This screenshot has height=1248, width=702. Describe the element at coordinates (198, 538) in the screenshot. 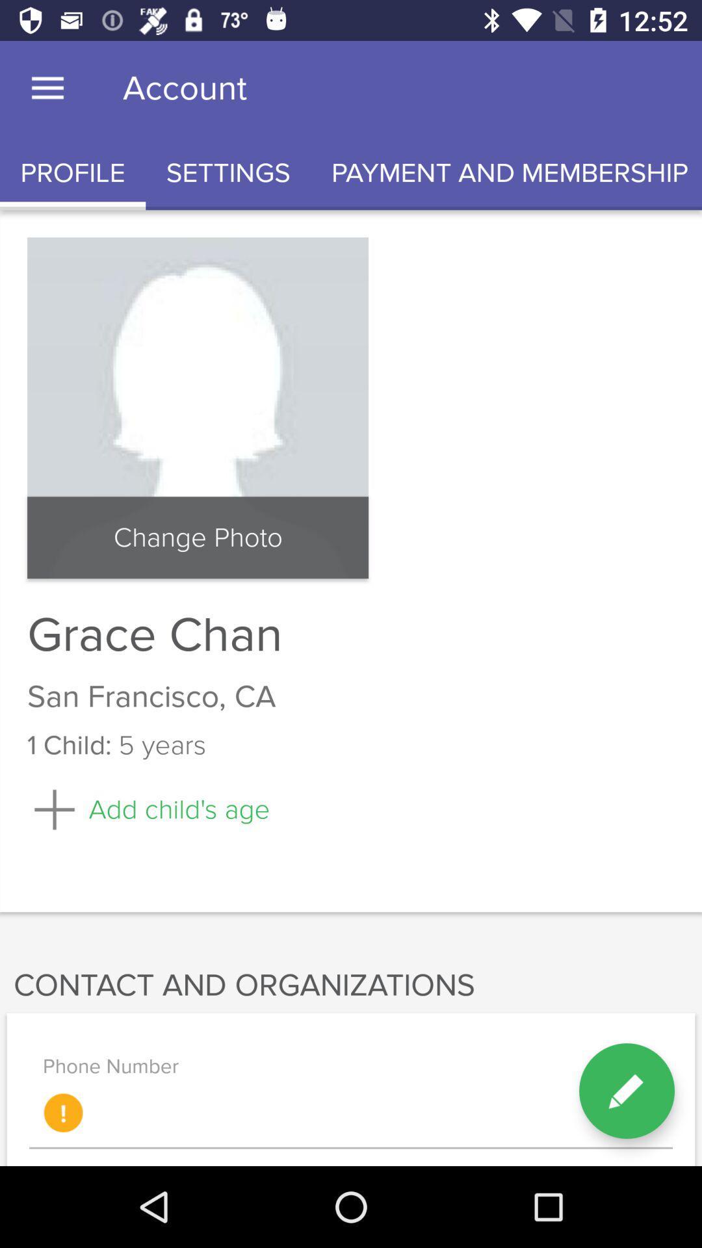

I see `item above grace chan` at that location.